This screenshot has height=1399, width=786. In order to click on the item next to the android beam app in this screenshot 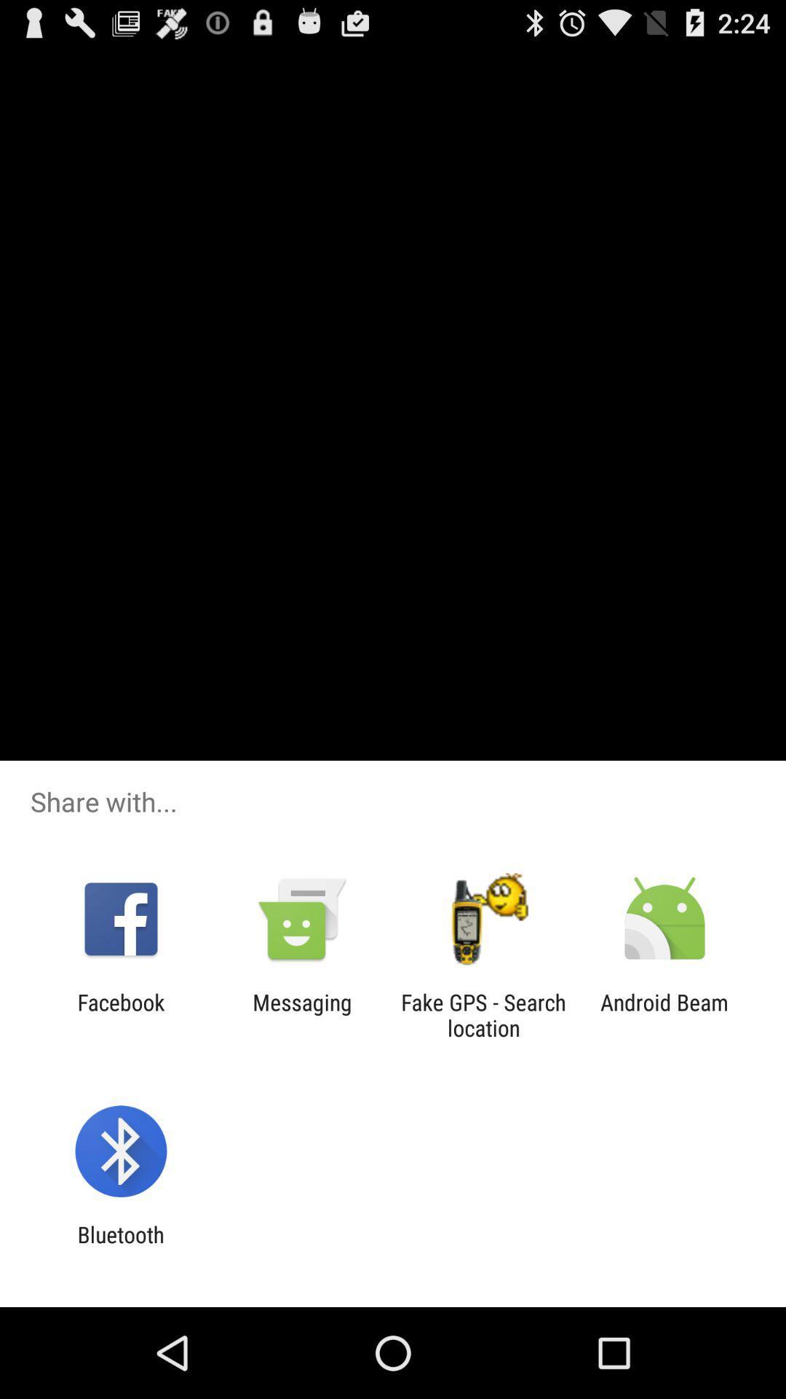, I will do `click(483, 1014)`.